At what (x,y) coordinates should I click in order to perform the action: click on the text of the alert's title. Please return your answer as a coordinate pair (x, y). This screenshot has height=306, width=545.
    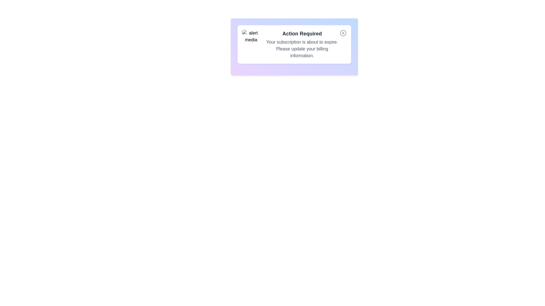
    Looking at the image, I should click on (302, 34).